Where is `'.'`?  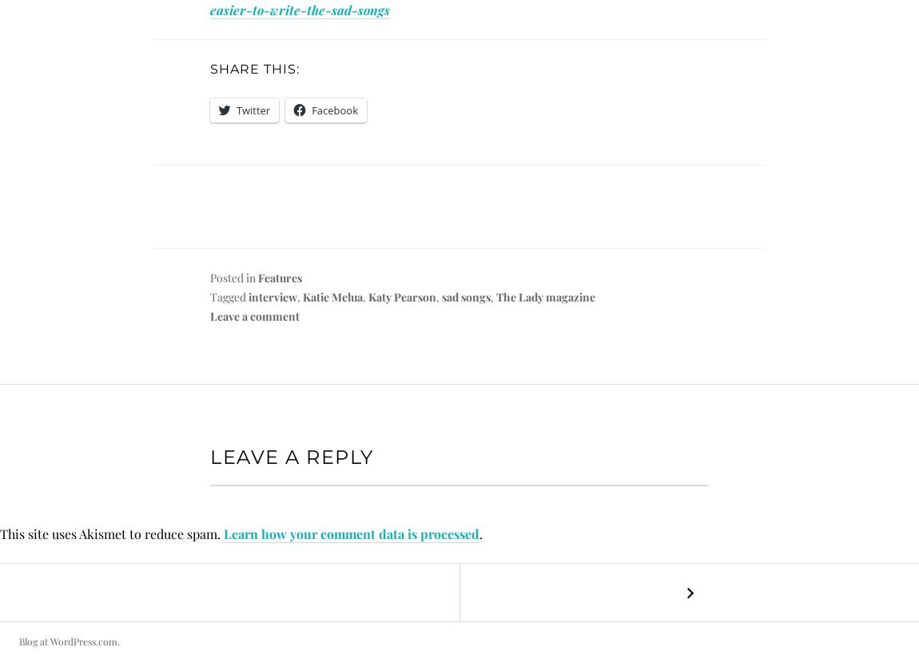
'.' is located at coordinates (480, 533).